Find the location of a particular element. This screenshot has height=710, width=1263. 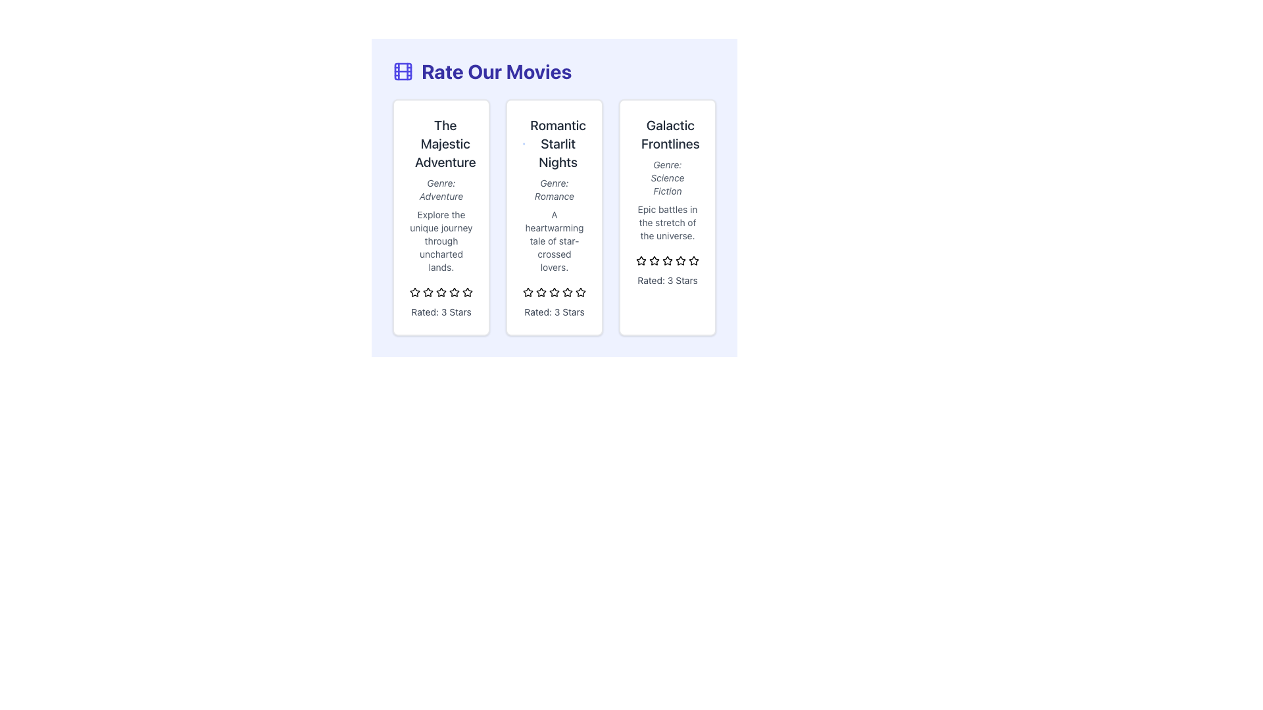

genre information displayed in the light gray italic text label 'Genre: Science Fiction' located below the title 'Galactic Frontlines' and above the description text is located at coordinates (667, 177).